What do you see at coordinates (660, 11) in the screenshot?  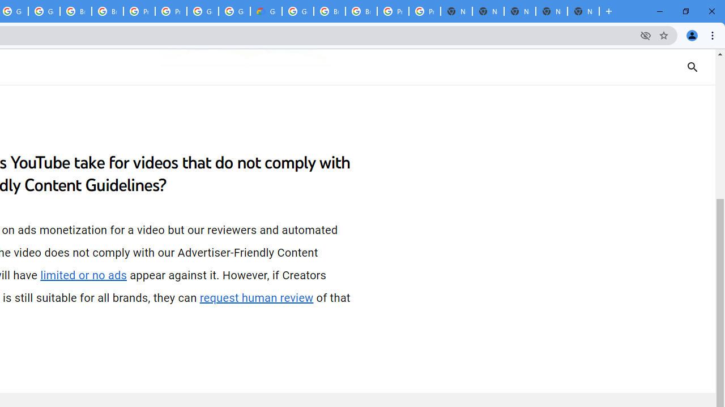 I see `'Minimize'` at bounding box center [660, 11].